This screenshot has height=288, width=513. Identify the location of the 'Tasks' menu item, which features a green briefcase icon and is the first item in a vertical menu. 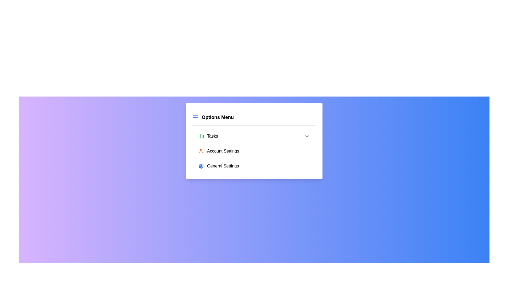
(208, 136).